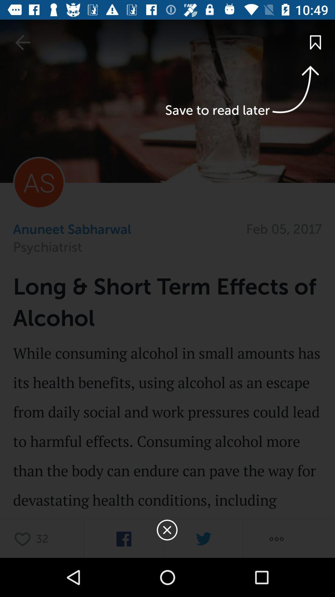 The width and height of the screenshot is (335, 597). I want to click on open share menu, so click(276, 539).